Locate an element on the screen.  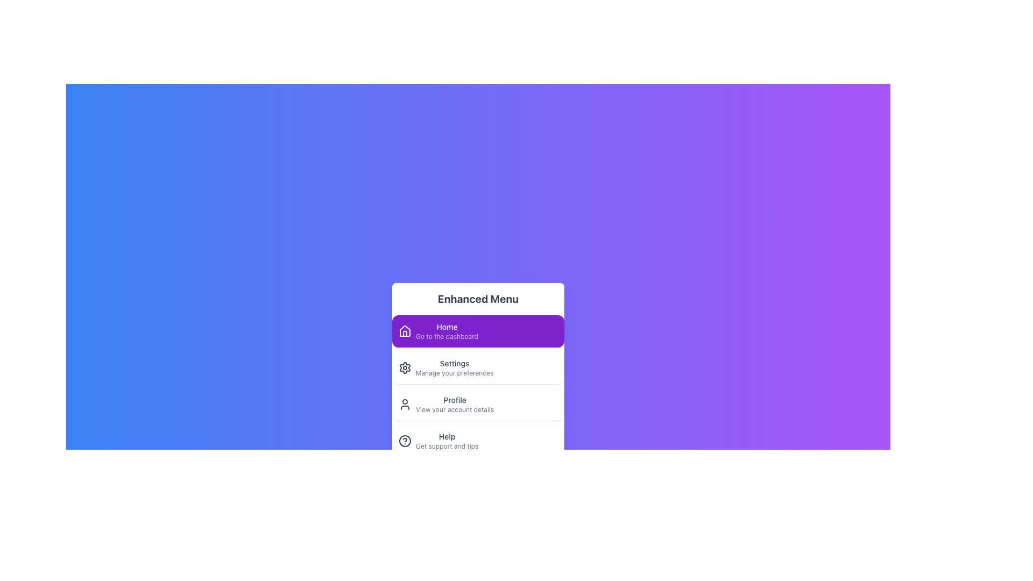
the Text Label that displays 'Go to the dashboard', which is positioned below the 'Home' option in the menu list is located at coordinates (447, 336).